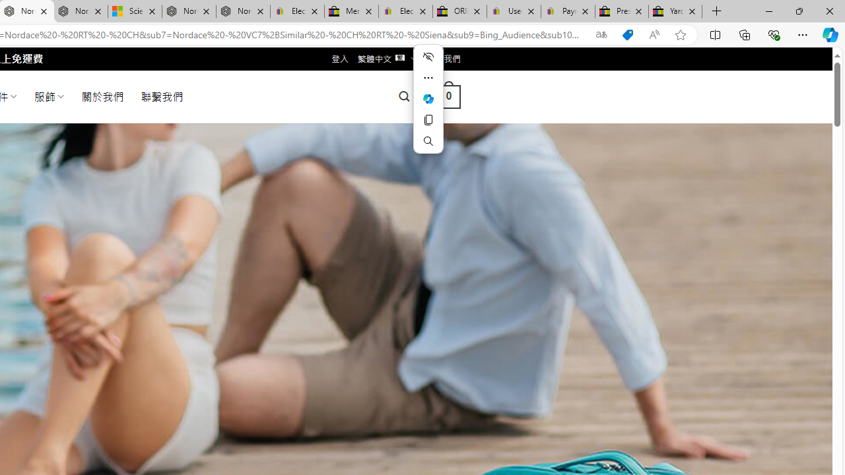 The height and width of the screenshot is (475, 845). Describe the element at coordinates (188, 11) in the screenshot. I see `'Nordace - Summer Adventures 2024'` at that location.